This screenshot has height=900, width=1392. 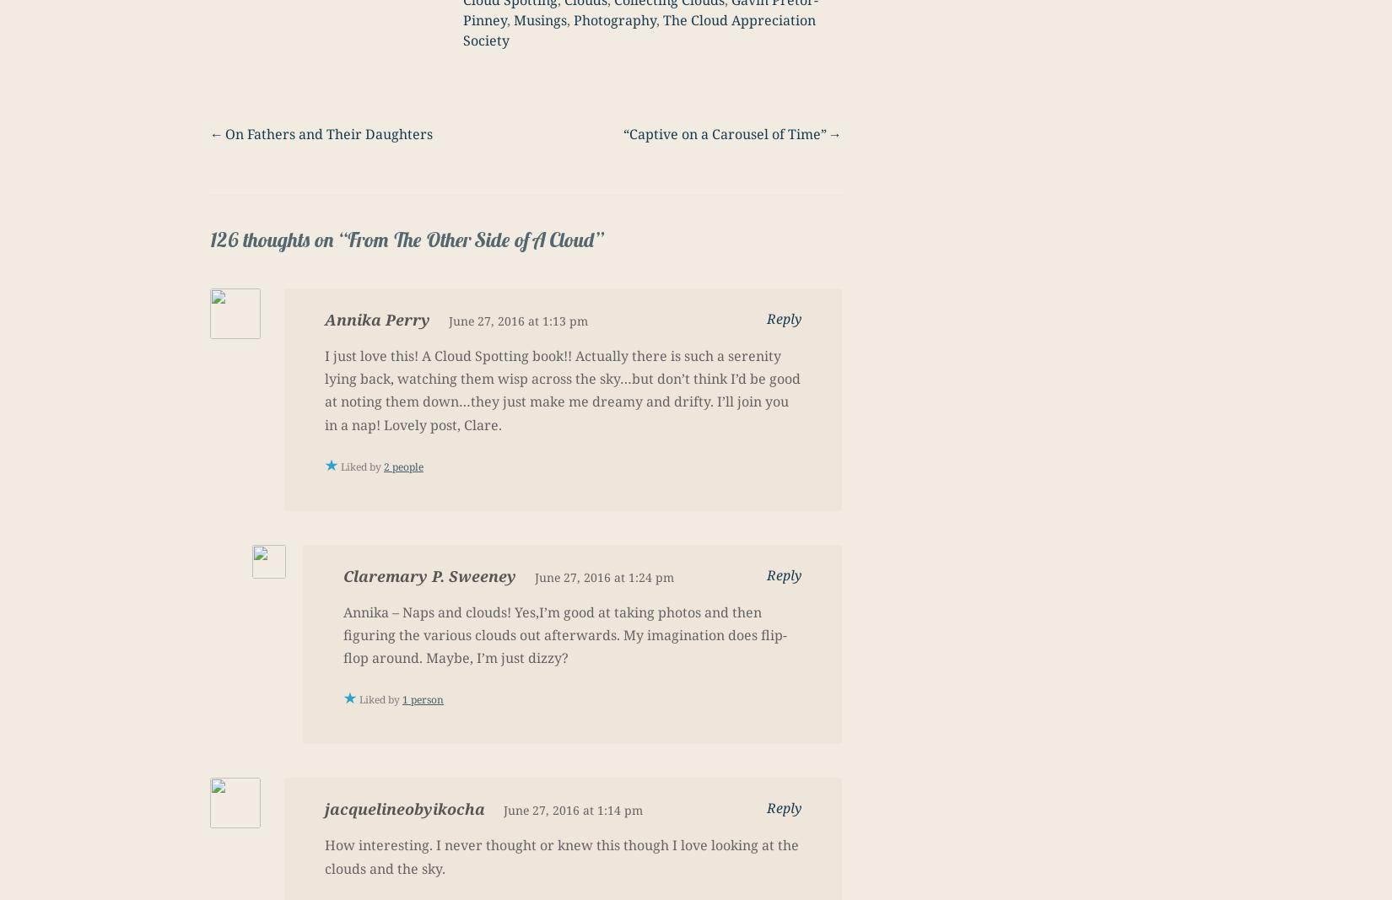 What do you see at coordinates (561, 389) in the screenshot?
I see `'I just love this! A Cloud Spotting book!! Actually there is such a serenity lying back, watching them wisp across the sky…but don’t think I’d be good at noting them down…they just make me dreamy and drifty. I’ll join you in a nap! Lovely post, Clare.'` at bounding box center [561, 389].